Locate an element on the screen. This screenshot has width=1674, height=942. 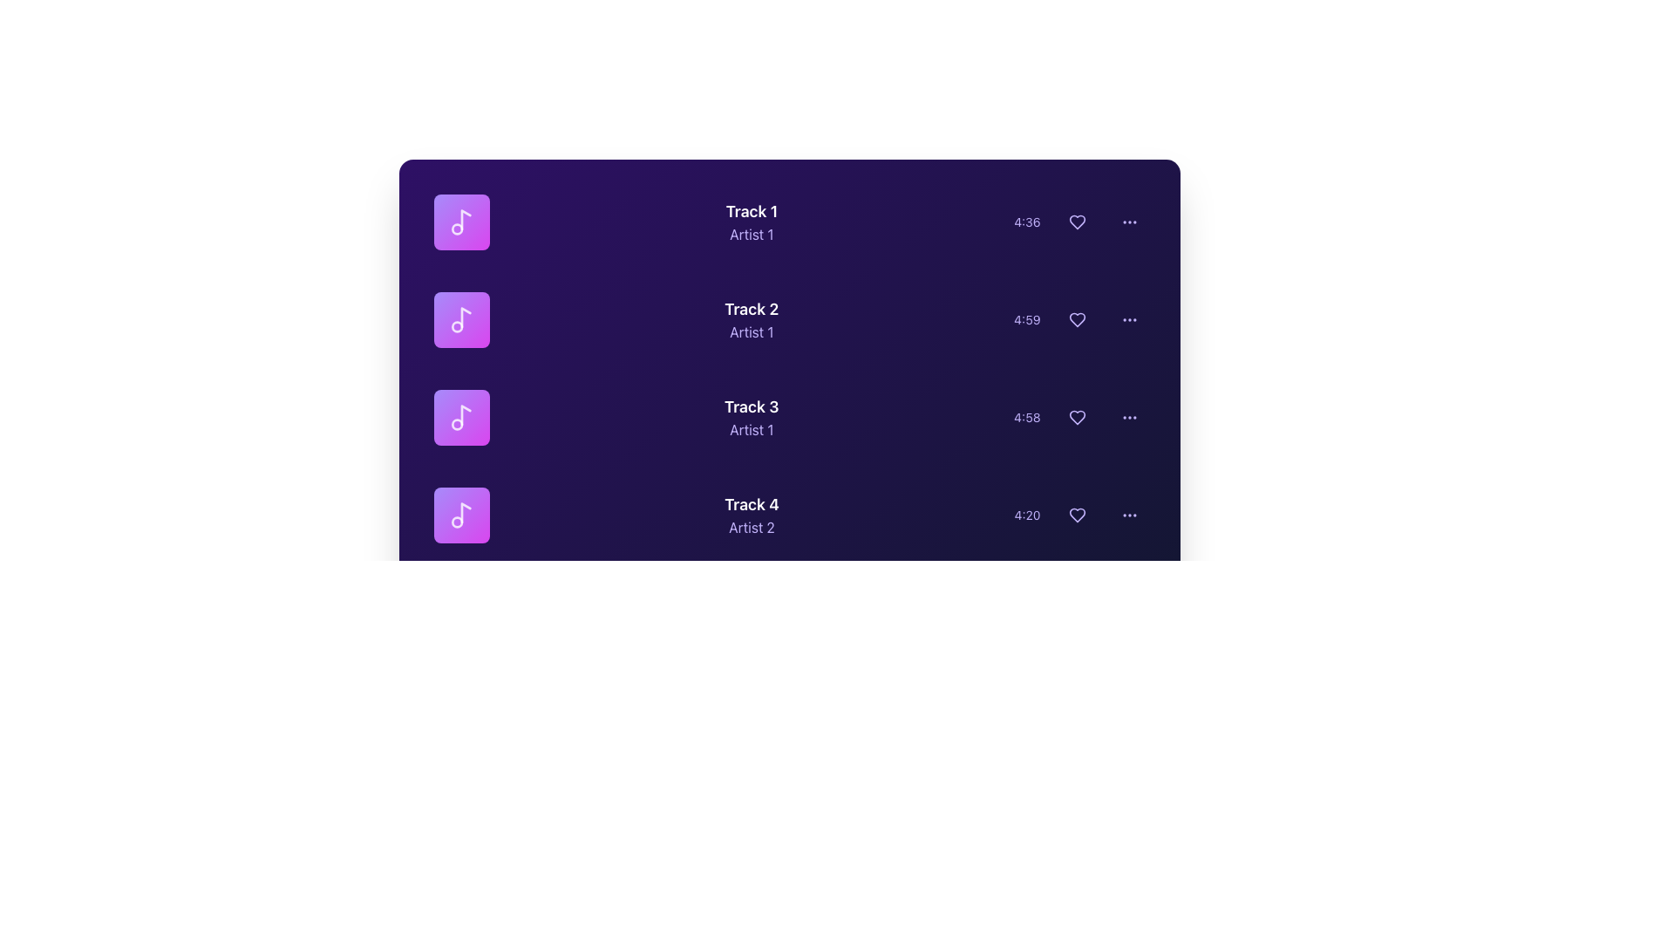
the violet heart icon in the fourth row between the duration '4:20' and an ellipsis icon is located at coordinates (1079, 514).